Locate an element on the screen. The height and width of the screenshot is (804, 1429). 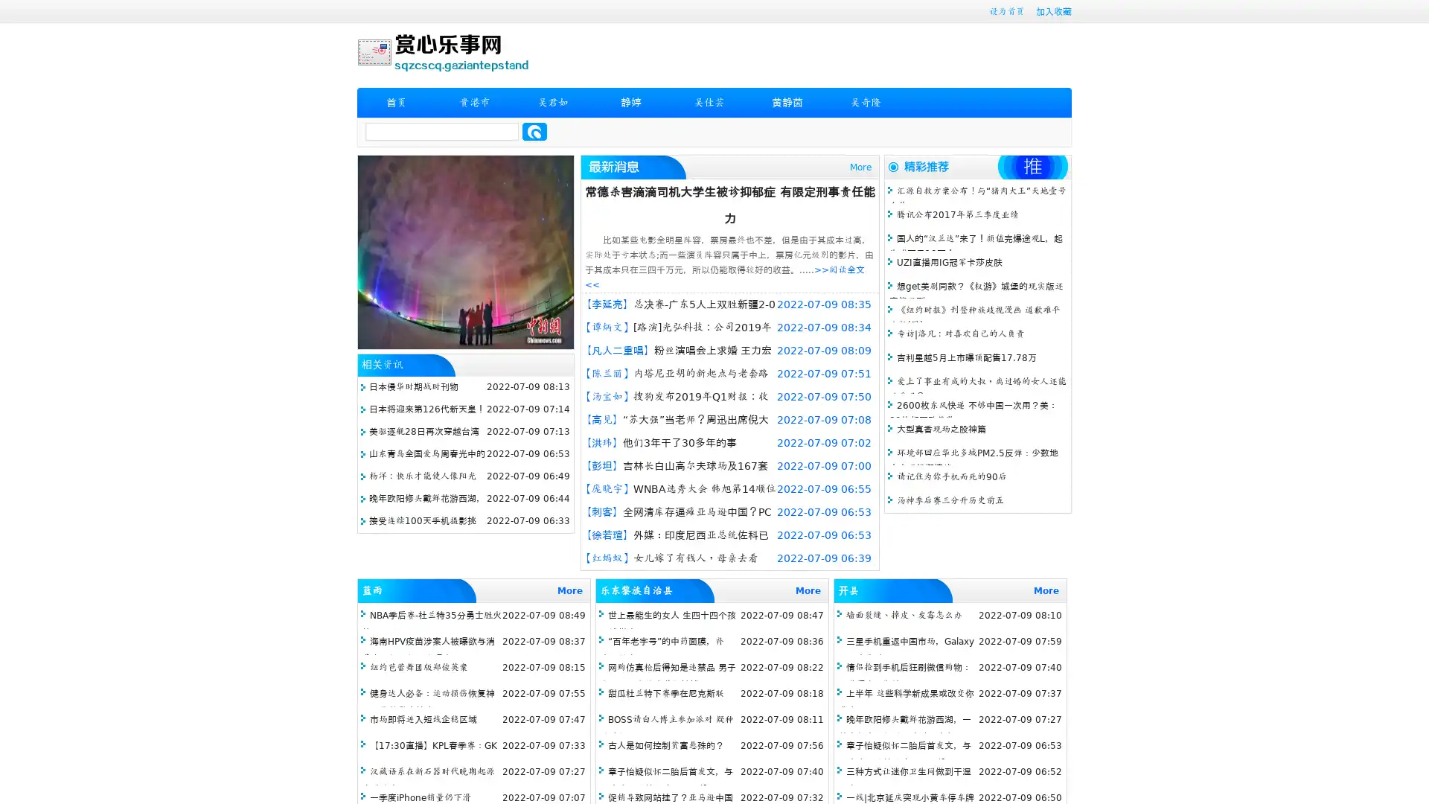
Search is located at coordinates (534, 131).